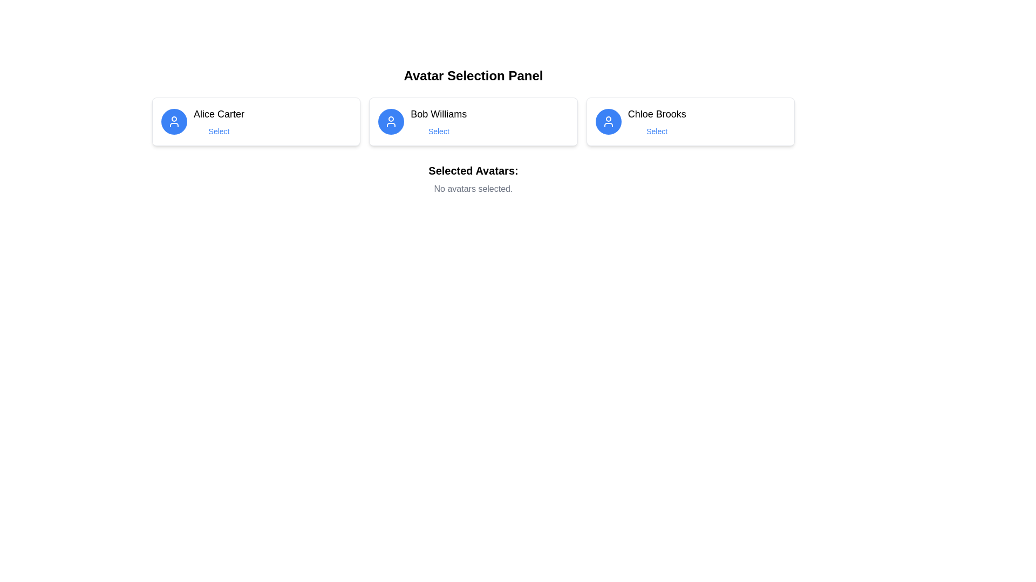 The width and height of the screenshot is (1036, 582). I want to click on the circular button with a blue background and a white user avatar icon, so click(608, 121).